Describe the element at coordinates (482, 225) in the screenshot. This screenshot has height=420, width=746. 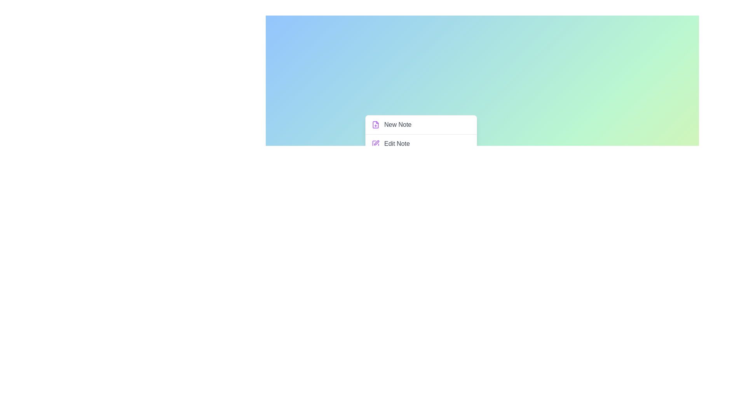
I see `the main area to toggle the menu visibility` at that location.